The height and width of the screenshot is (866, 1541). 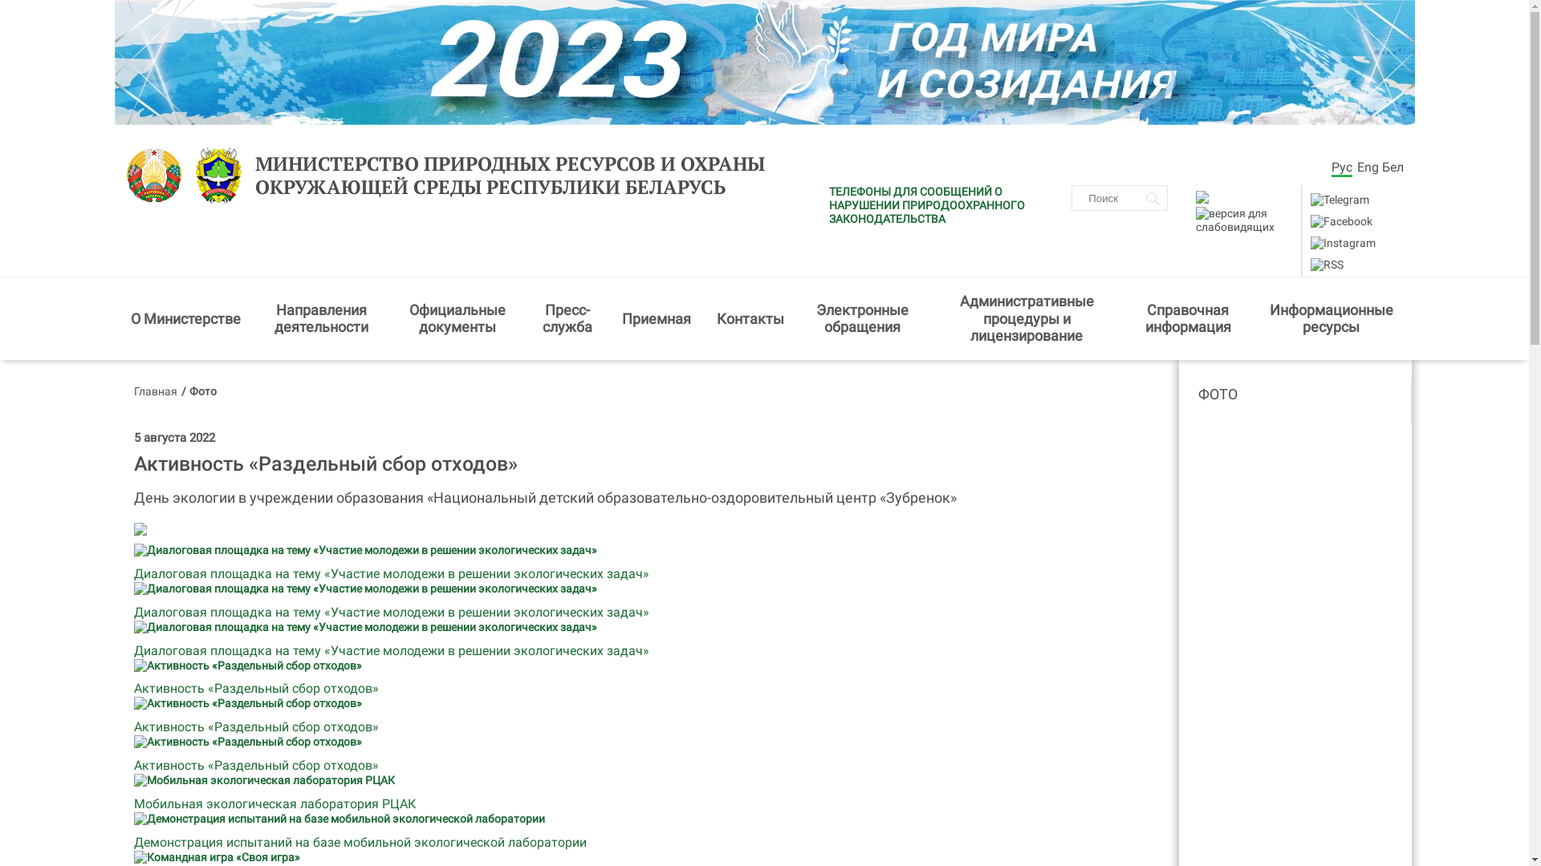 I want to click on 'Instagram', so click(x=1343, y=243).